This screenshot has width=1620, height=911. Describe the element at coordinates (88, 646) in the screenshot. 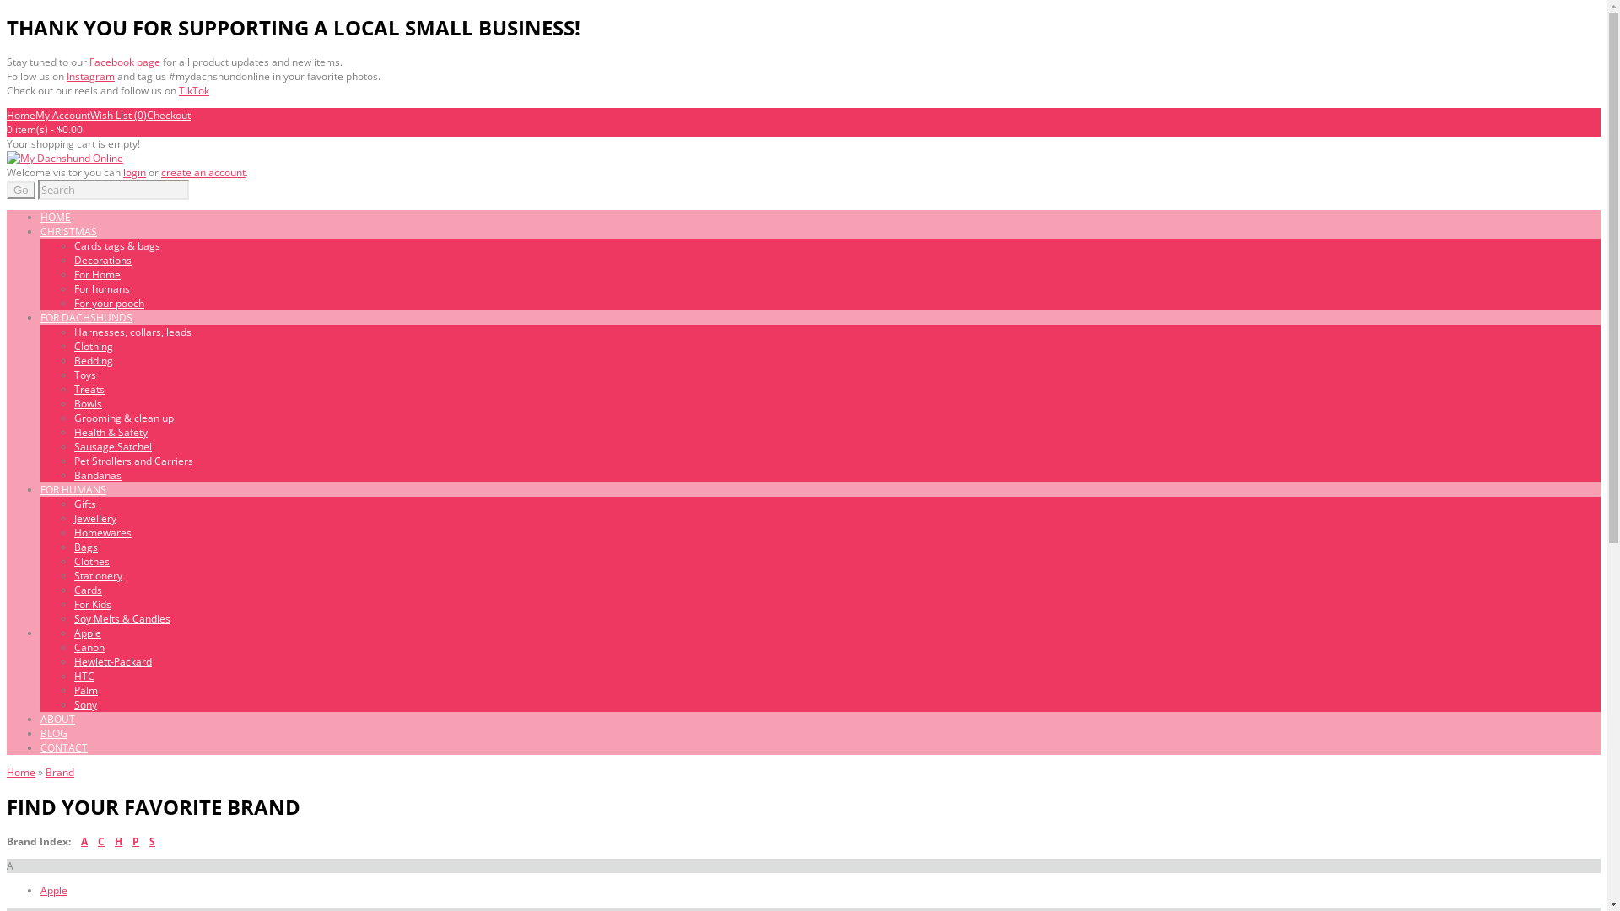

I see `'Canon'` at that location.